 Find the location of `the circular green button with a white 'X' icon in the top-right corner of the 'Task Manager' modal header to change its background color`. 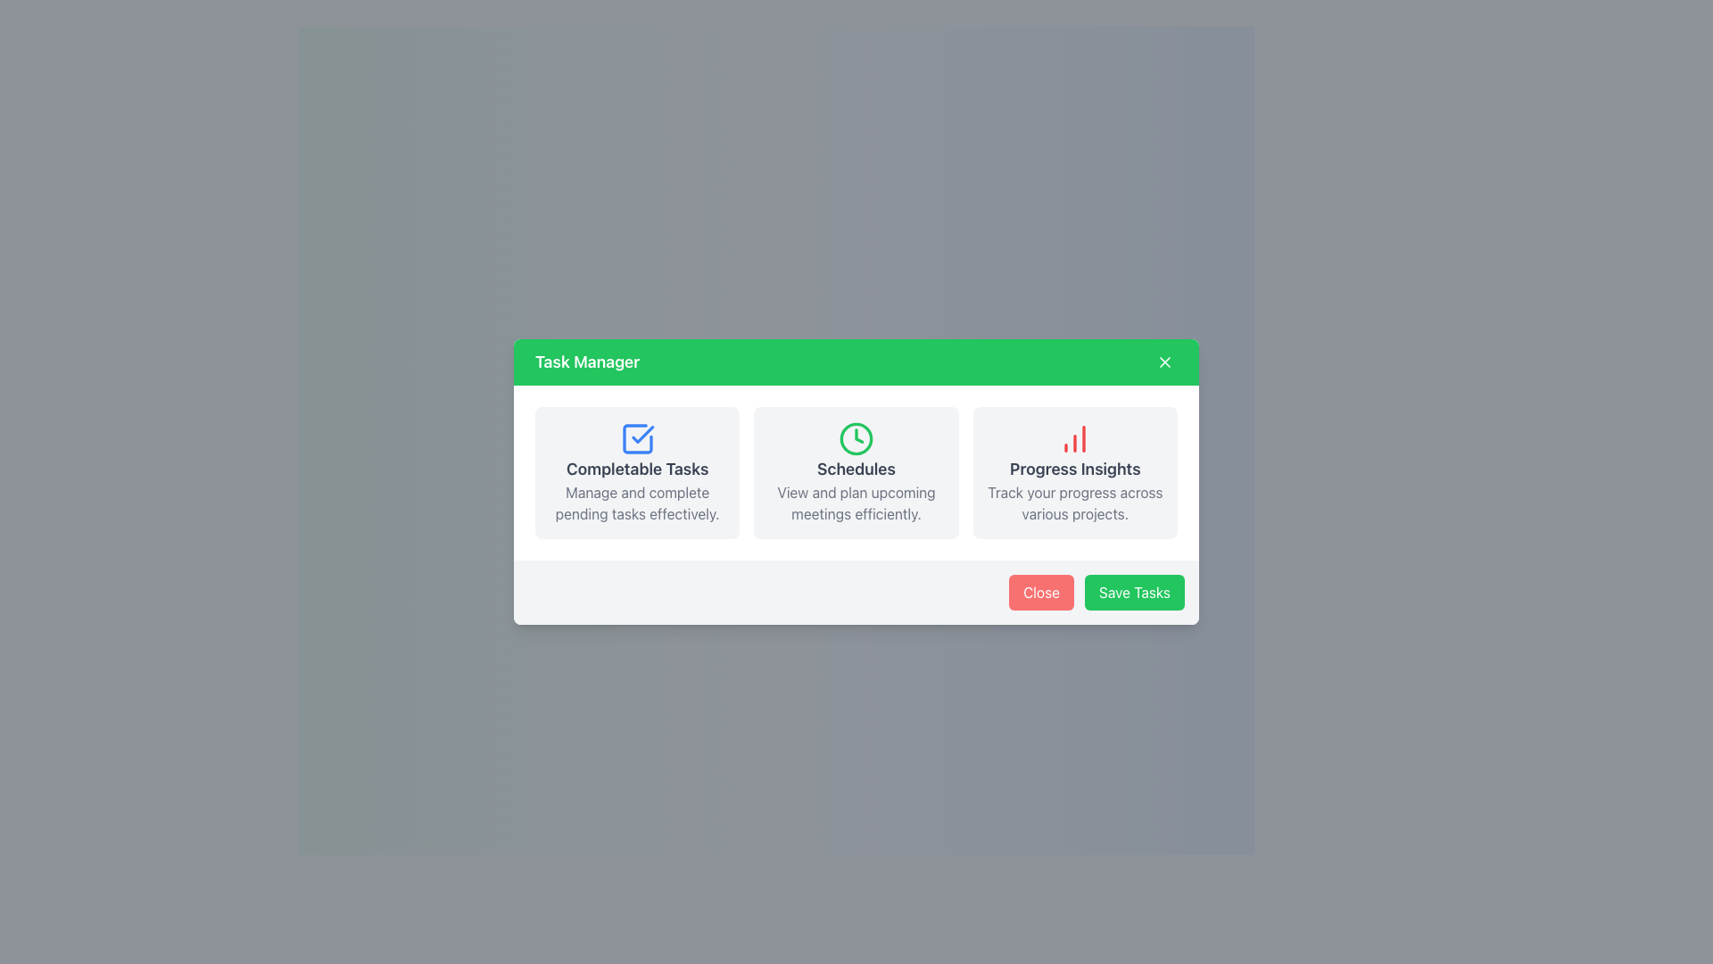

the circular green button with a white 'X' icon in the top-right corner of the 'Task Manager' modal header to change its background color is located at coordinates (1164, 361).